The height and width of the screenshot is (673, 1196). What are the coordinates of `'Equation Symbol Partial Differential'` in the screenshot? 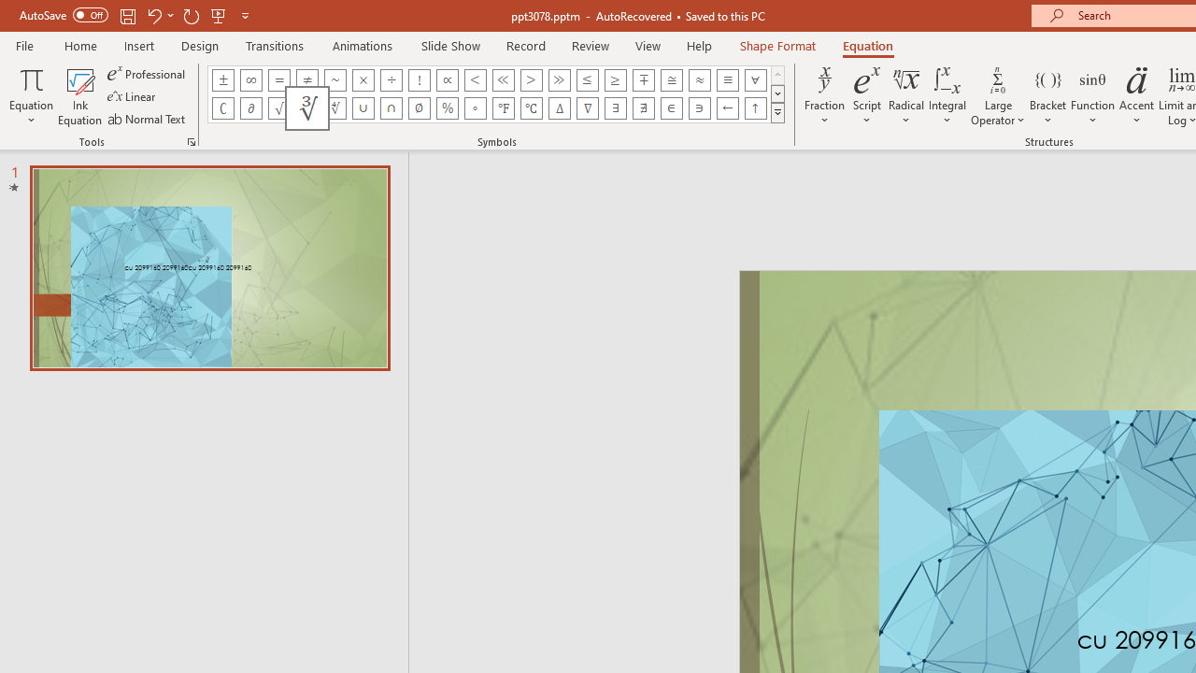 It's located at (249, 107).